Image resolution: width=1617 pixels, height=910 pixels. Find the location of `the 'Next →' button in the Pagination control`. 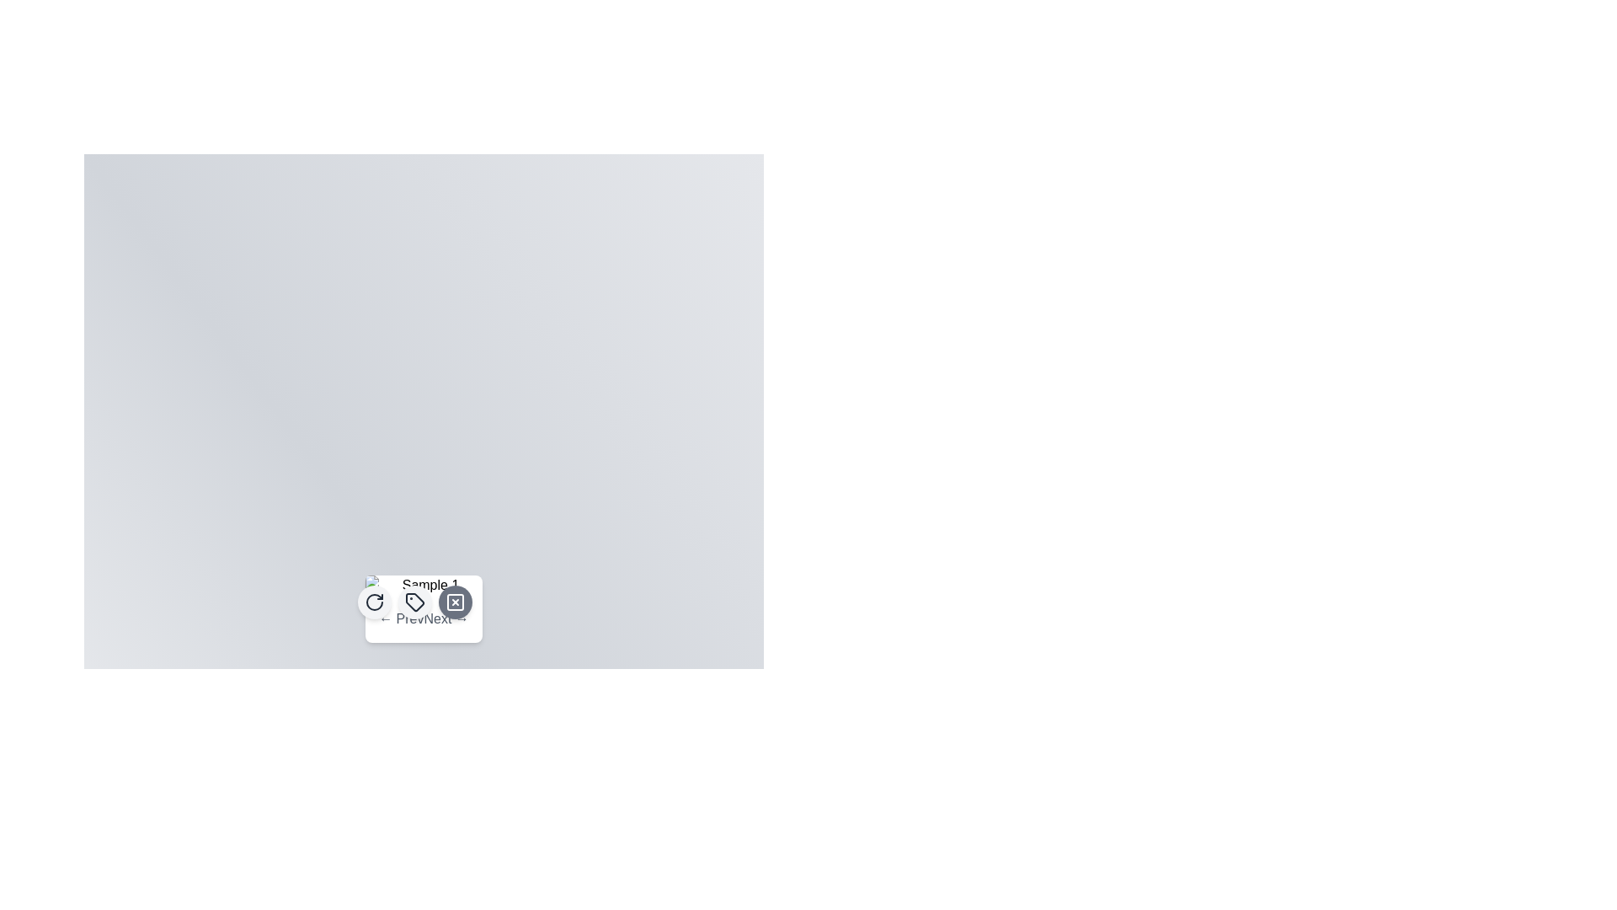

the 'Next →' button in the Pagination control is located at coordinates (424, 619).